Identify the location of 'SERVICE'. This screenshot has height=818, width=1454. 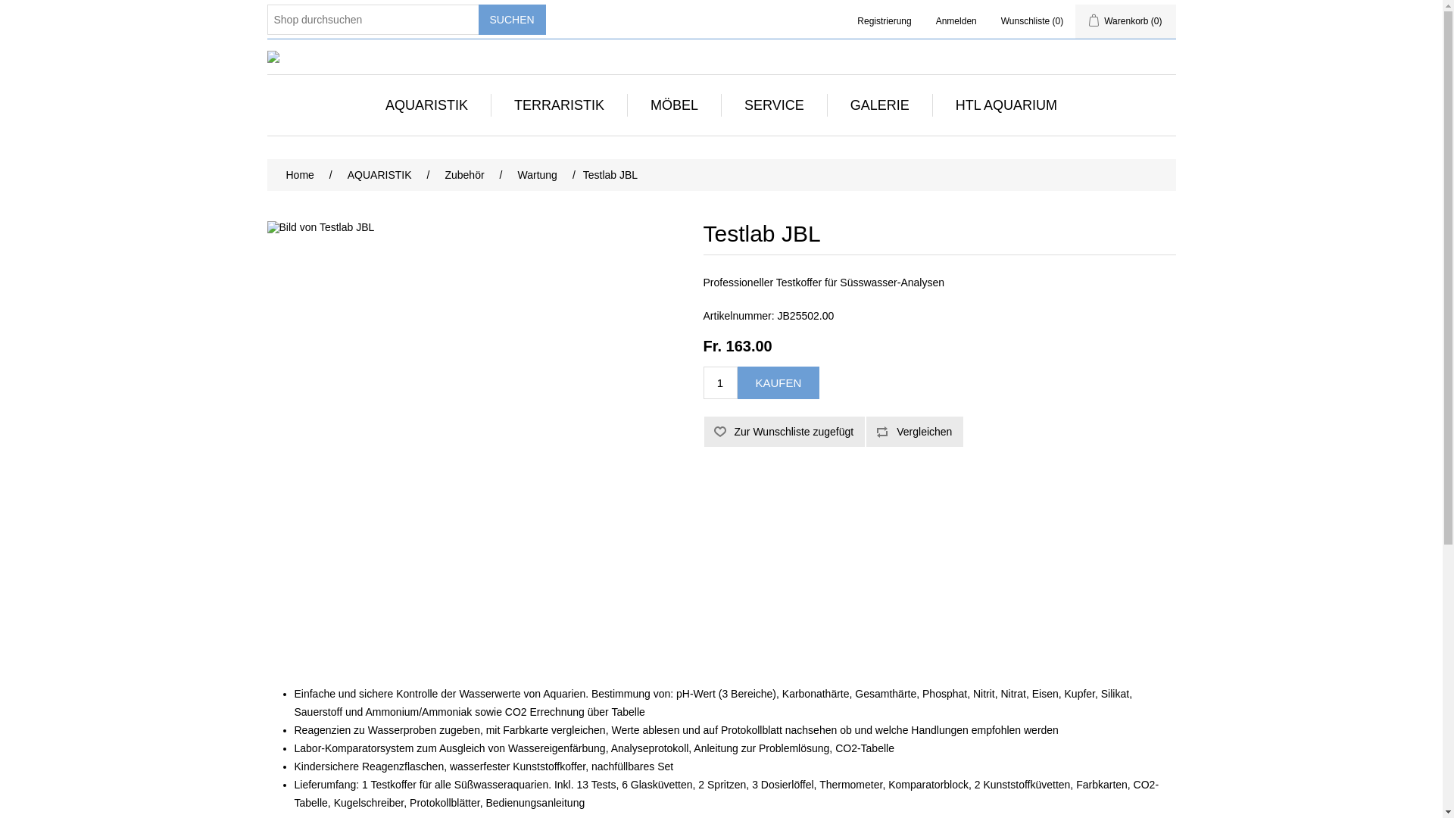
(774, 104).